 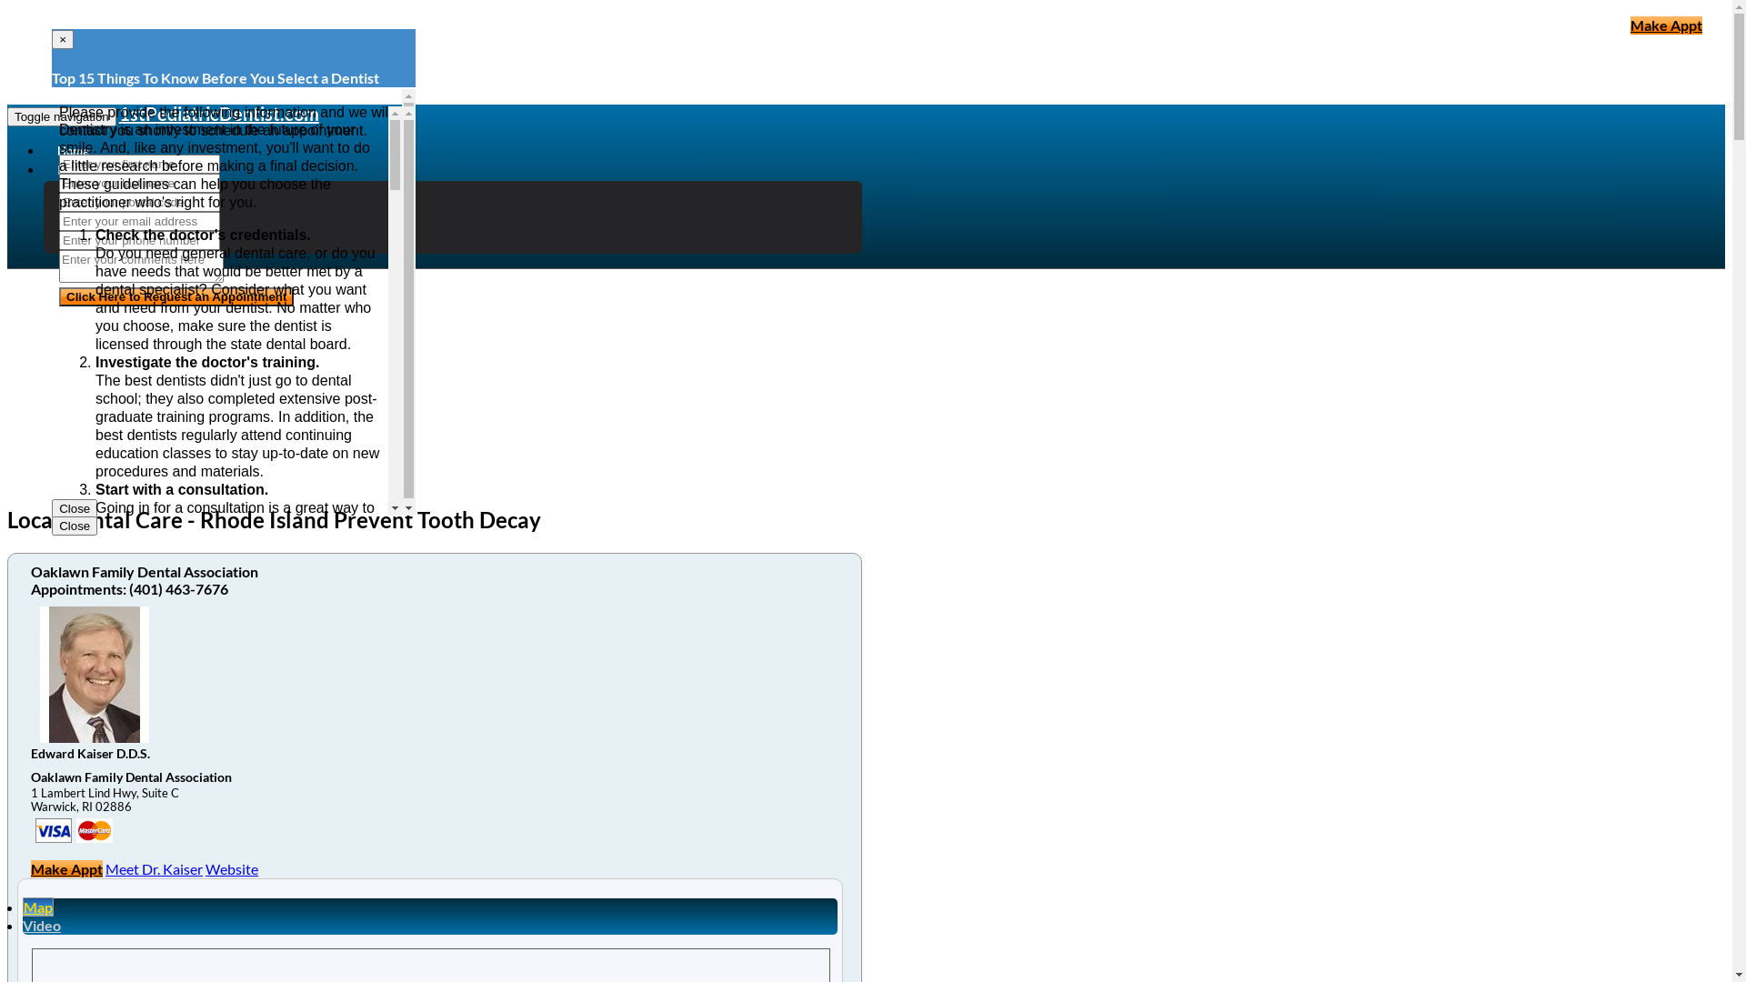 I want to click on 'Close', so click(x=52, y=508).